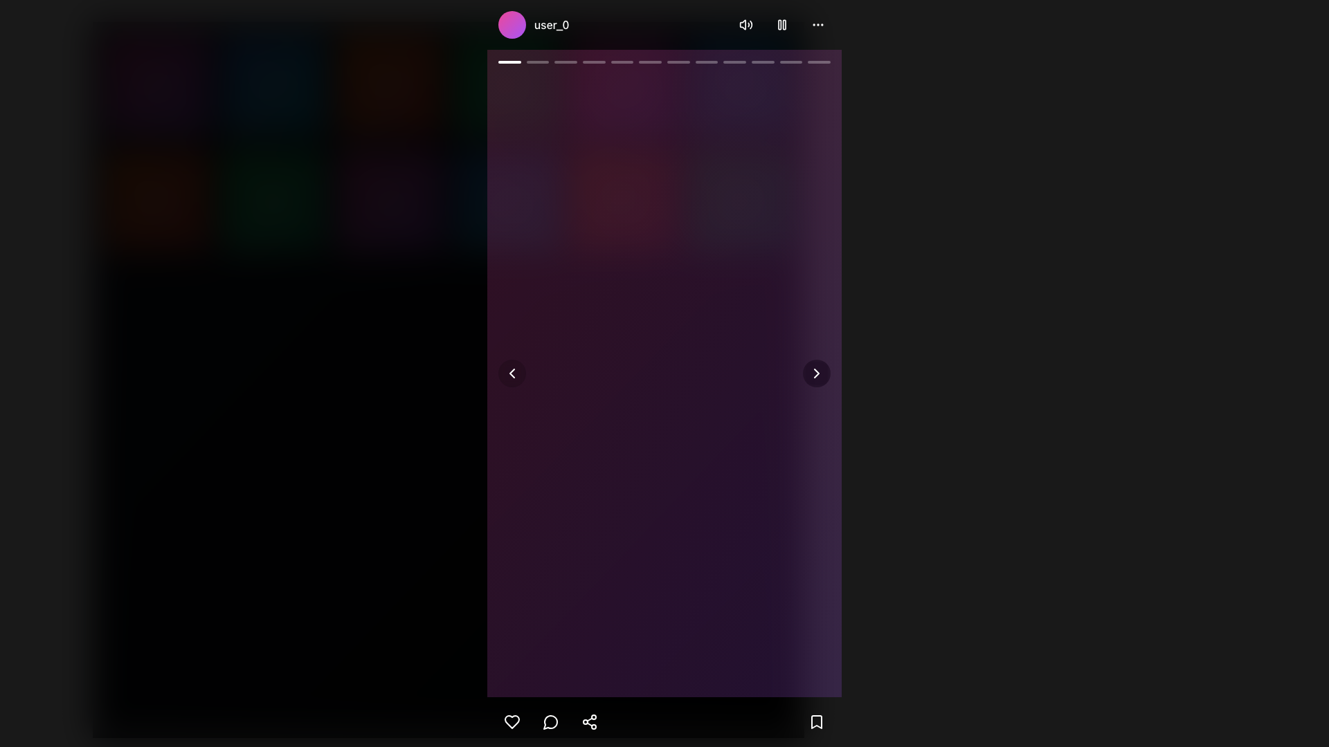 Image resolution: width=1329 pixels, height=747 pixels. What do you see at coordinates (817, 24) in the screenshot?
I see `the Ellipsis menu button located at the top right corner of the interface, which is the rightmost button in a group of three` at bounding box center [817, 24].